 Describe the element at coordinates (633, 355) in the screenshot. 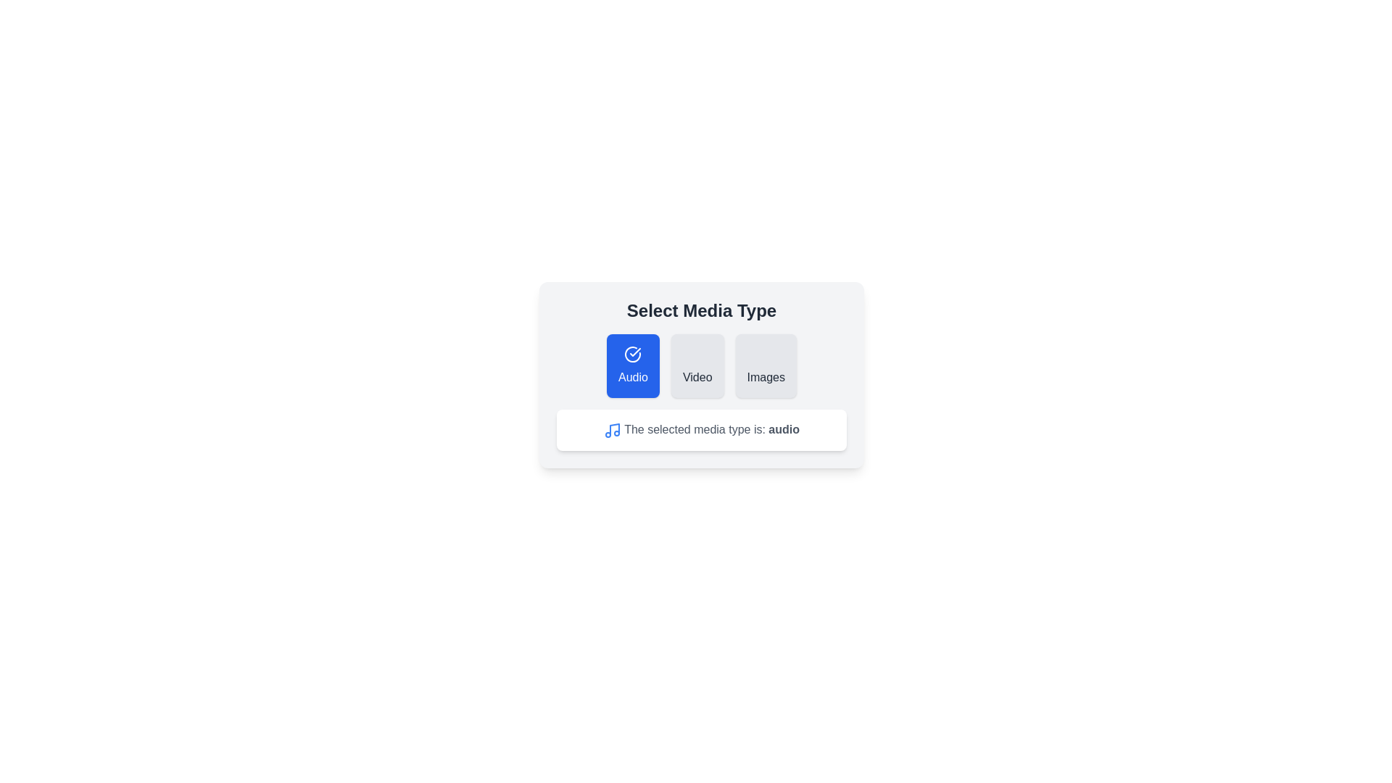

I see `the circular portion of the 'Audio' button icon, which is the leftmost option in the button group and represents the larger circular outline surrounding the inner check mark` at that location.